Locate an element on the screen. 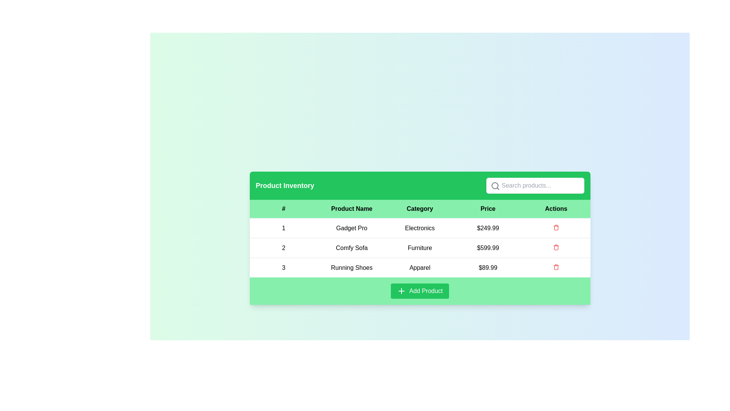 Image resolution: width=730 pixels, height=411 pixels. the static text label displaying the price '$249.99' for the 'Gadget Pro' item in the fourth cell of the table under the 'Price' column is located at coordinates (488, 228).